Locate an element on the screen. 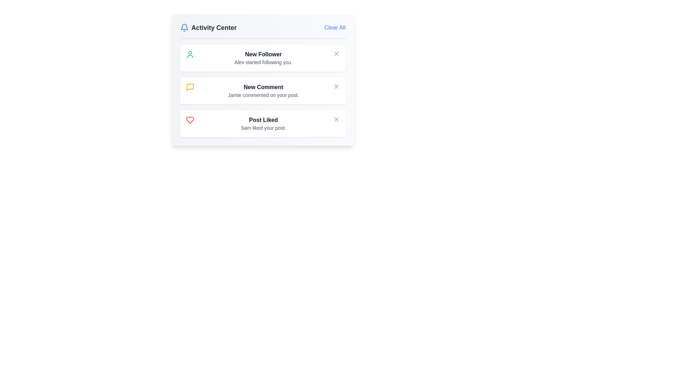  the heart icon representing the 'like' action on the 'Post Liked' notification card, which is the third item in the notifications list is located at coordinates (190, 119).